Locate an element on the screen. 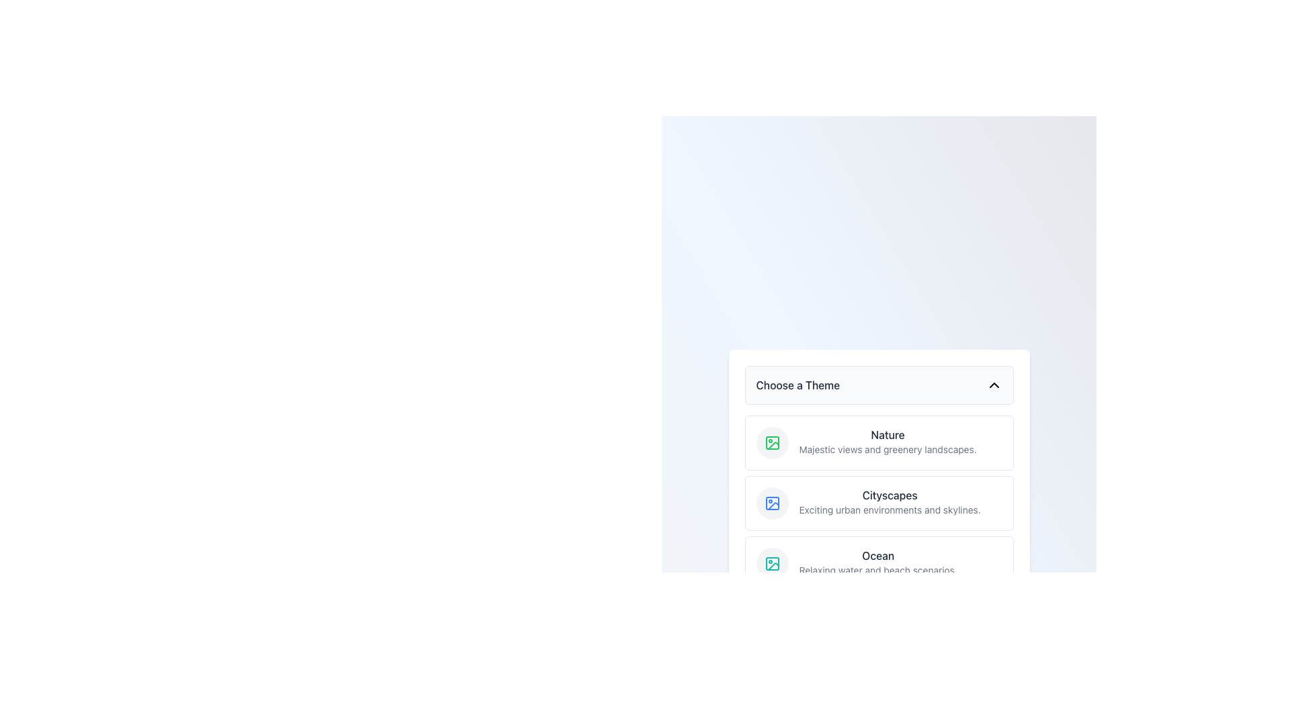 This screenshot has width=1290, height=725. the List Item titled 'Ocean' with a teal image icon is located at coordinates (856, 564).